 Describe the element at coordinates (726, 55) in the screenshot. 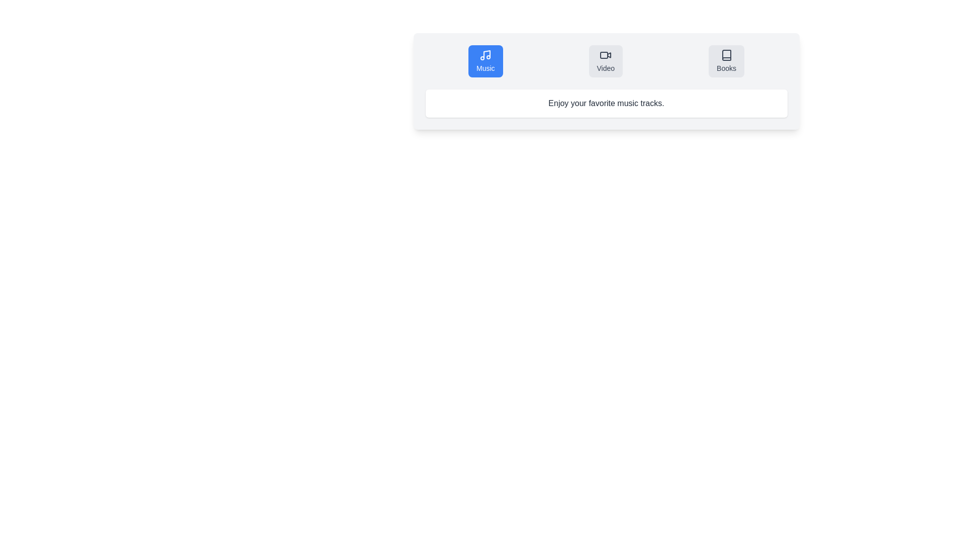

I see `the rightmost book icon in the group of three icons at the upper center of the interface, labeled 'Books'` at that location.